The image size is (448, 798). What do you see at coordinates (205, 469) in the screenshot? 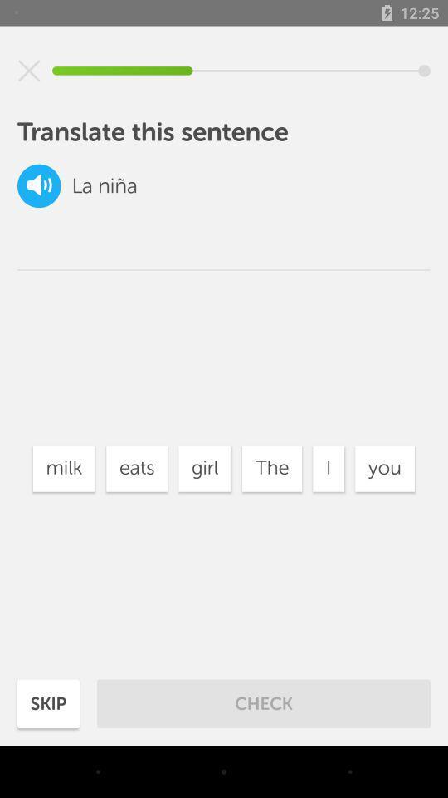
I see `icon next to the eats item` at bounding box center [205, 469].